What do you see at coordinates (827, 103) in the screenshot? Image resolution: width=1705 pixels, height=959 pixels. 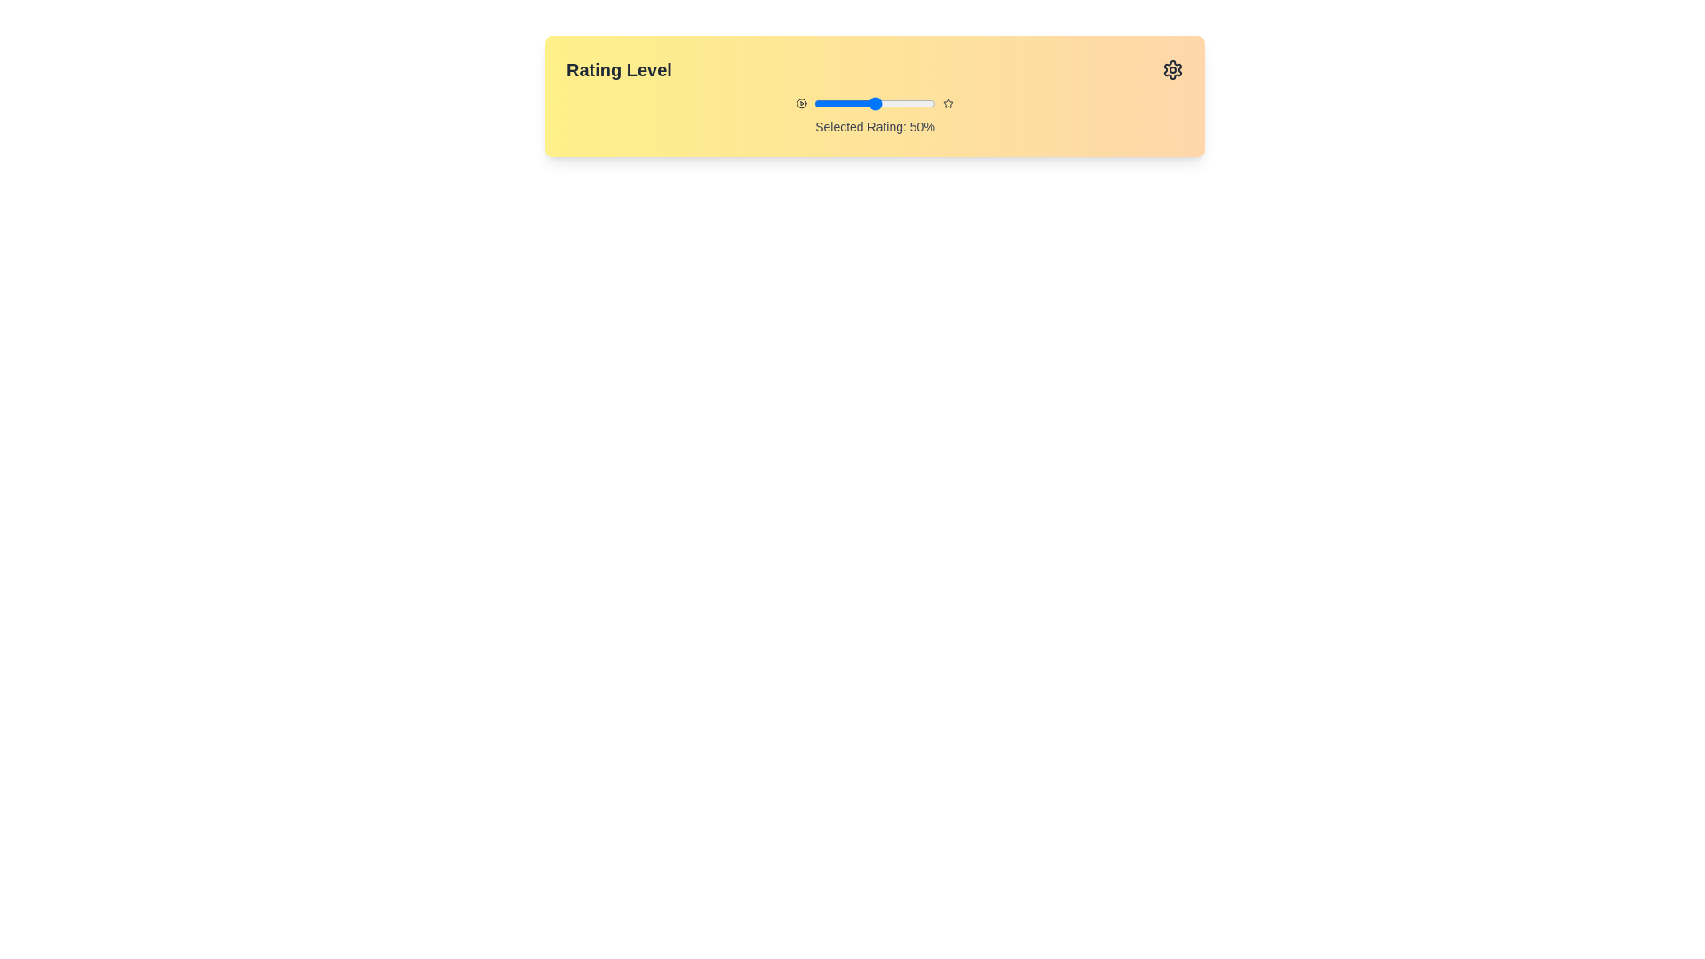 I see `the slider` at bounding box center [827, 103].